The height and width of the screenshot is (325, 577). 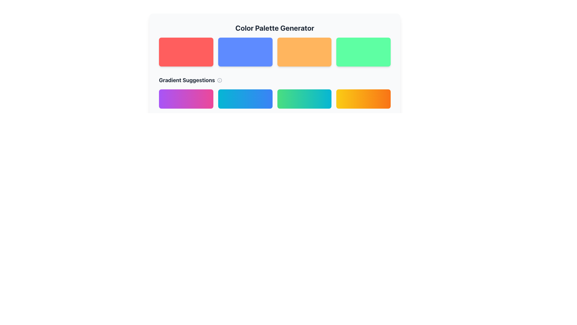 I want to click on the second button in the top row of the grid layout, located between the red and orange rectangles, to interact with the color palette data, so click(x=245, y=52).